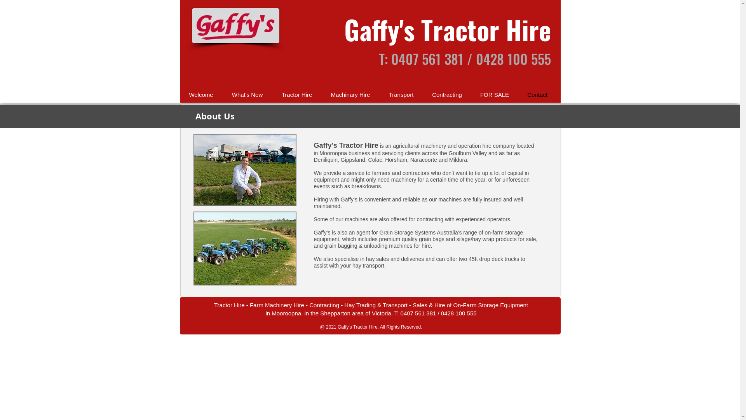  I want to click on 'Tractor Hire', so click(272, 94).